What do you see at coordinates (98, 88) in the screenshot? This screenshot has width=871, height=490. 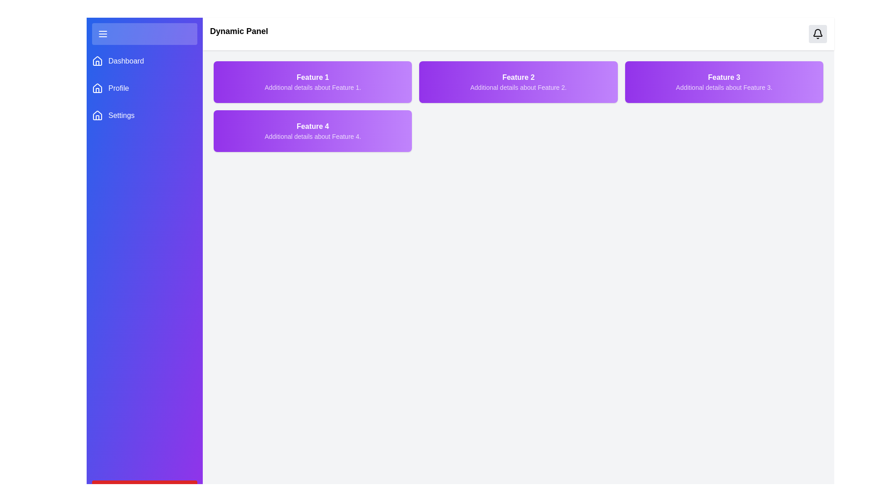 I see `the 'Profile' icon located on the left-hand panel, between 'Dashboard' and 'Settings'` at bounding box center [98, 88].